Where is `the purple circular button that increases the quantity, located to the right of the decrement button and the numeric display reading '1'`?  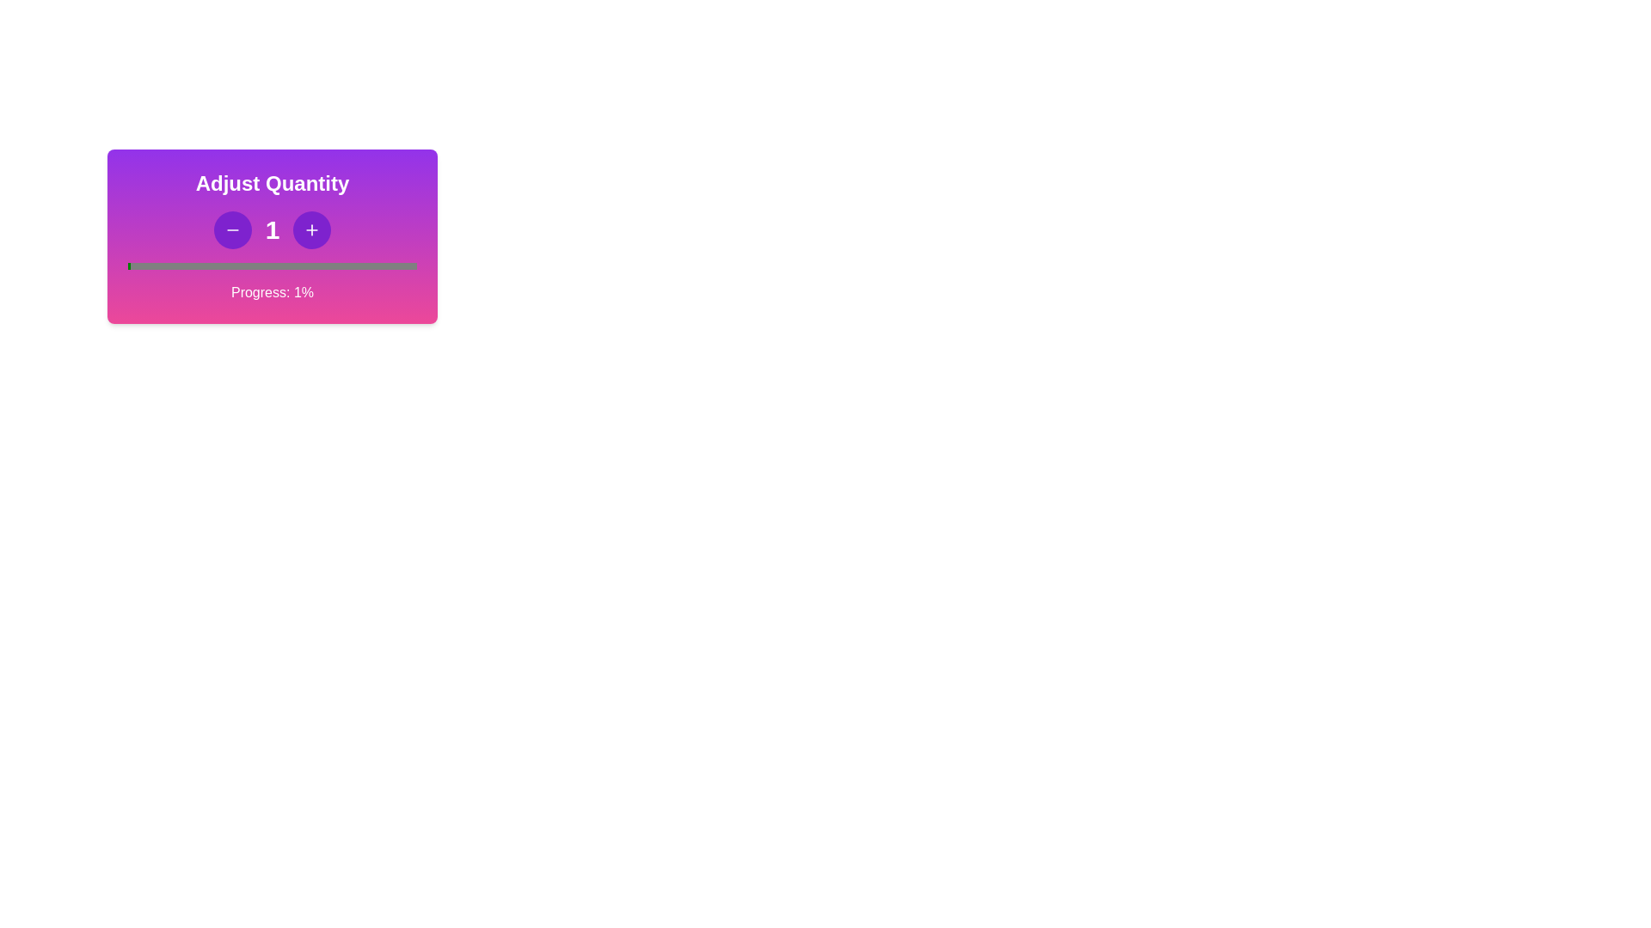
the purple circular button that increases the quantity, located to the right of the decrement button and the numeric display reading '1' is located at coordinates (312, 229).